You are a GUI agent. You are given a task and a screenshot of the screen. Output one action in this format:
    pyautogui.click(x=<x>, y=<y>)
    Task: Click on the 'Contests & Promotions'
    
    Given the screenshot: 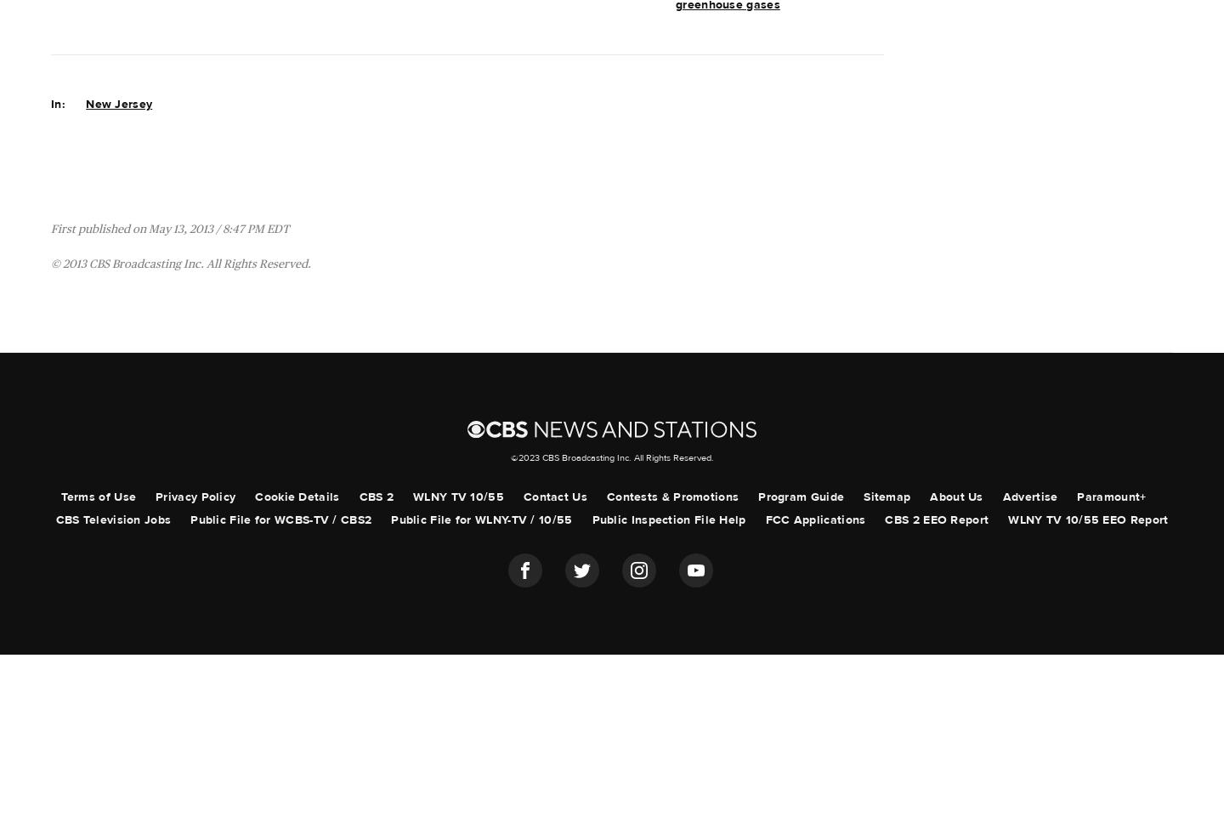 What is the action you would take?
    pyautogui.click(x=671, y=497)
    